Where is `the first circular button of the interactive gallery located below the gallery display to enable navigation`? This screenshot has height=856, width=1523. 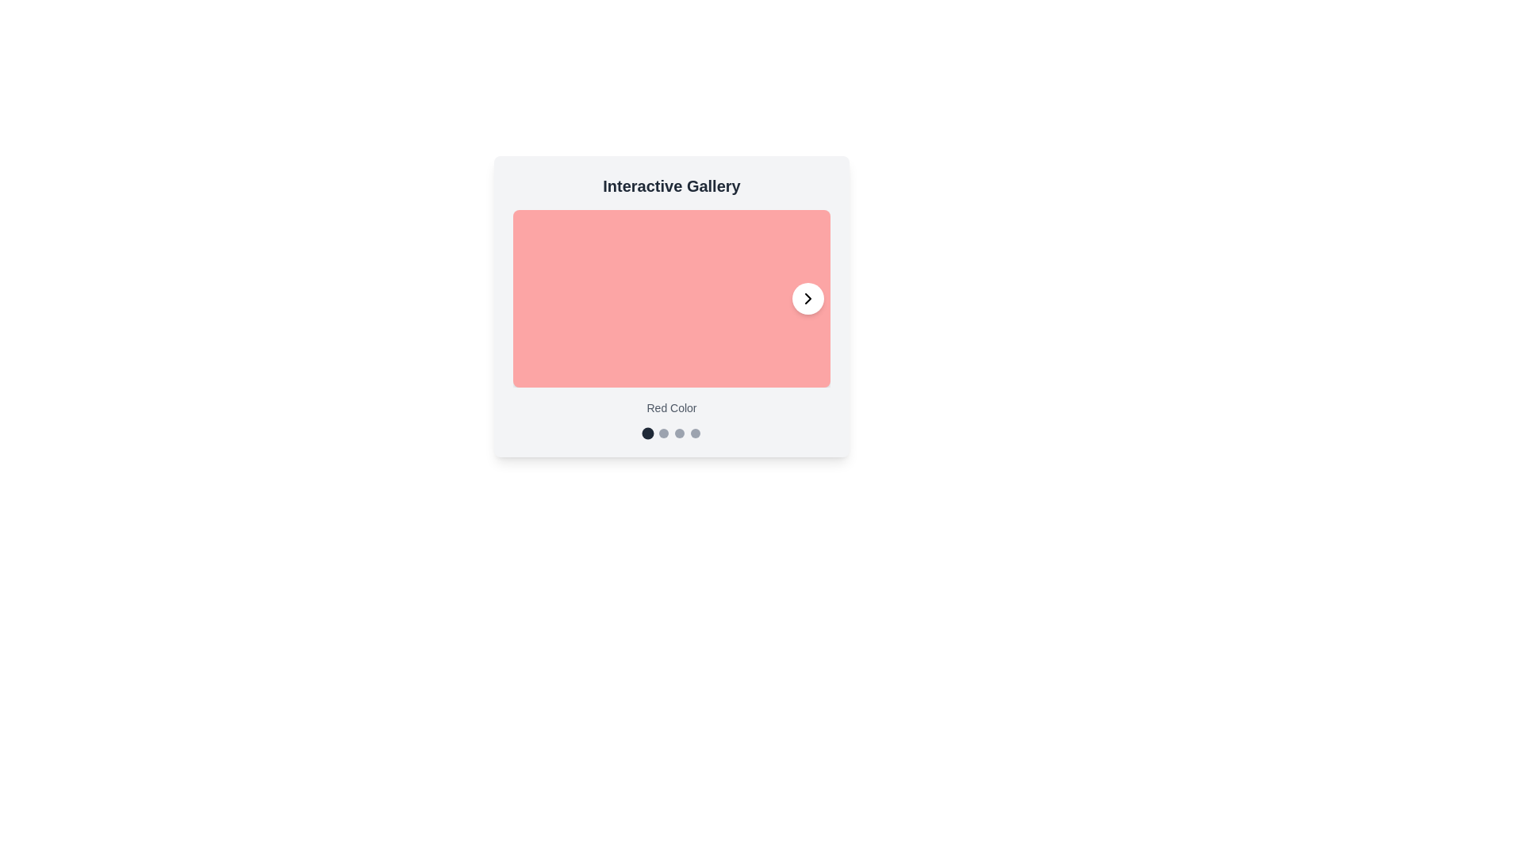
the first circular button of the interactive gallery located below the gallery display to enable navigation is located at coordinates (647, 434).